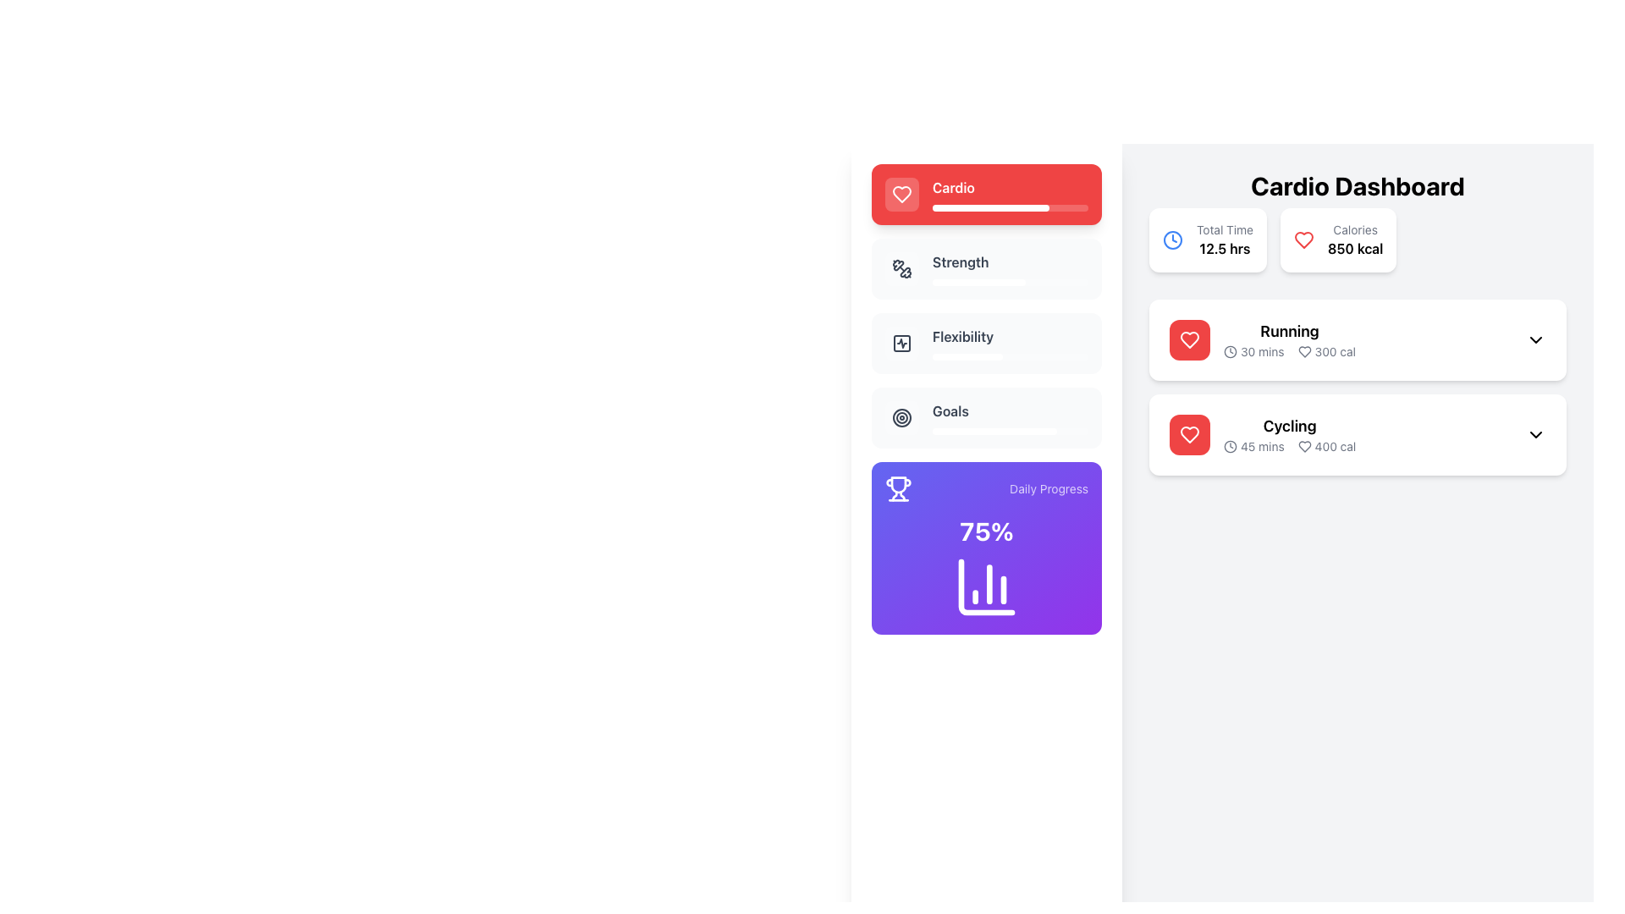 Image resolution: width=1625 pixels, height=914 pixels. What do you see at coordinates (1011, 207) in the screenshot?
I see `the non-interactive progress bar located directly beneath the 'Cardio' label and icon, which indicates a 75% completion status and is styled with a red background` at bounding box center [1011, 207].